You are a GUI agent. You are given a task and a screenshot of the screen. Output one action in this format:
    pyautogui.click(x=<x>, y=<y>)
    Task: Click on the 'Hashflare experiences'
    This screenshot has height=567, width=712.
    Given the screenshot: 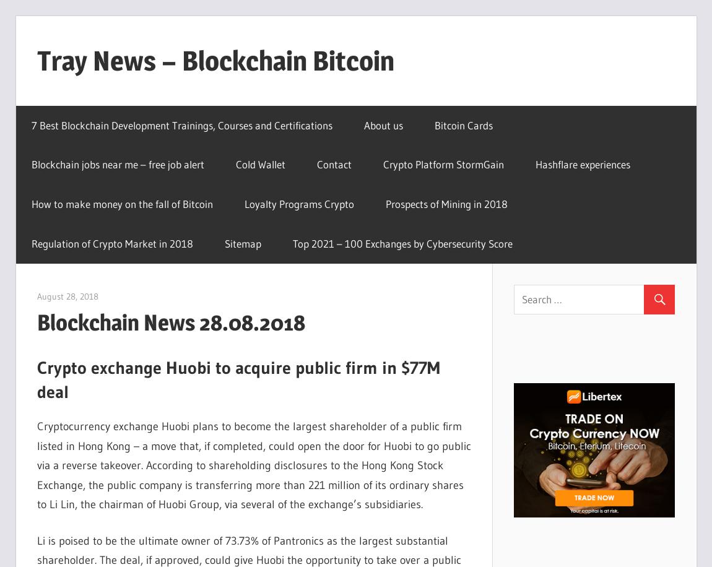 What is the action you would take?
    pyautogui.click(x=583, y=164)
    